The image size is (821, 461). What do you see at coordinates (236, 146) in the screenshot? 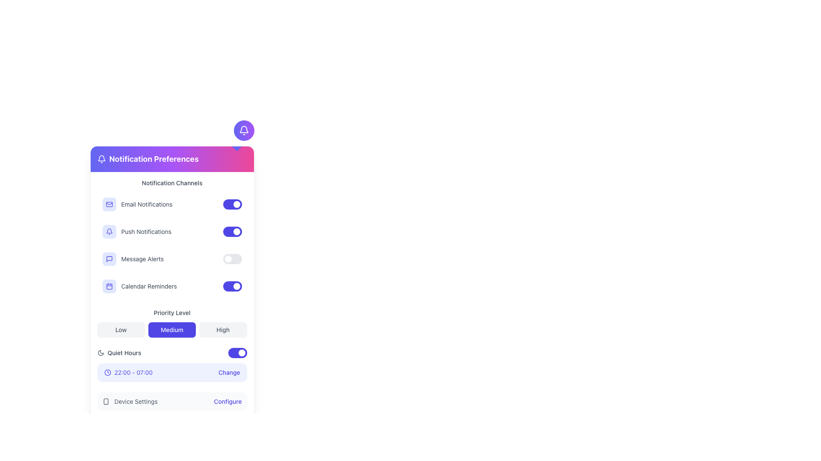
I see `the small, square-shaped purple decorative icon at a 45-degree angle located at the top-right corner of the 'Notification Preferences' header bar` at bounding box center [236, 146].